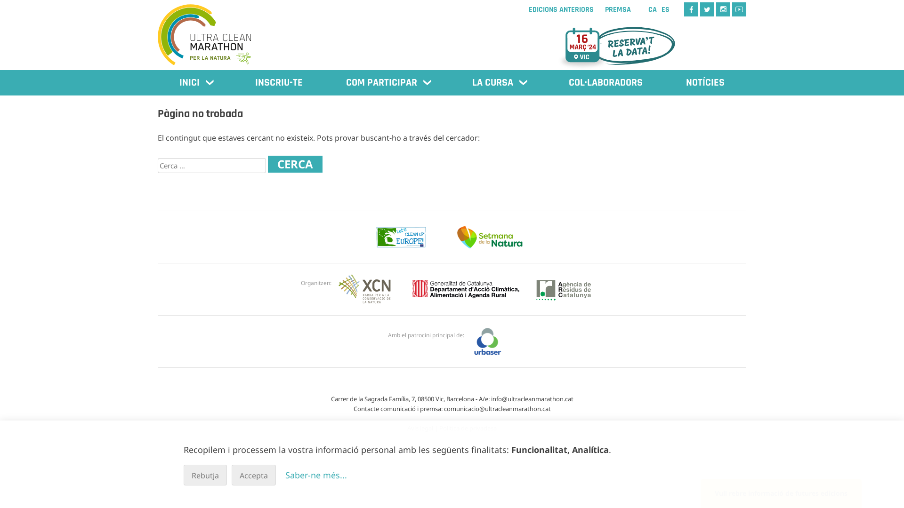 Image resolution: width=904 pixels, height=508 pixels. I want to click on 'Twitter', so click(700, 9).